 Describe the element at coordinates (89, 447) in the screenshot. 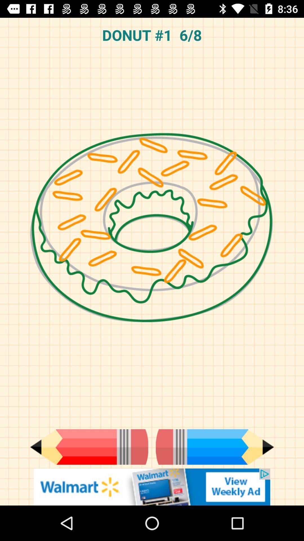

I see `back` at that location.